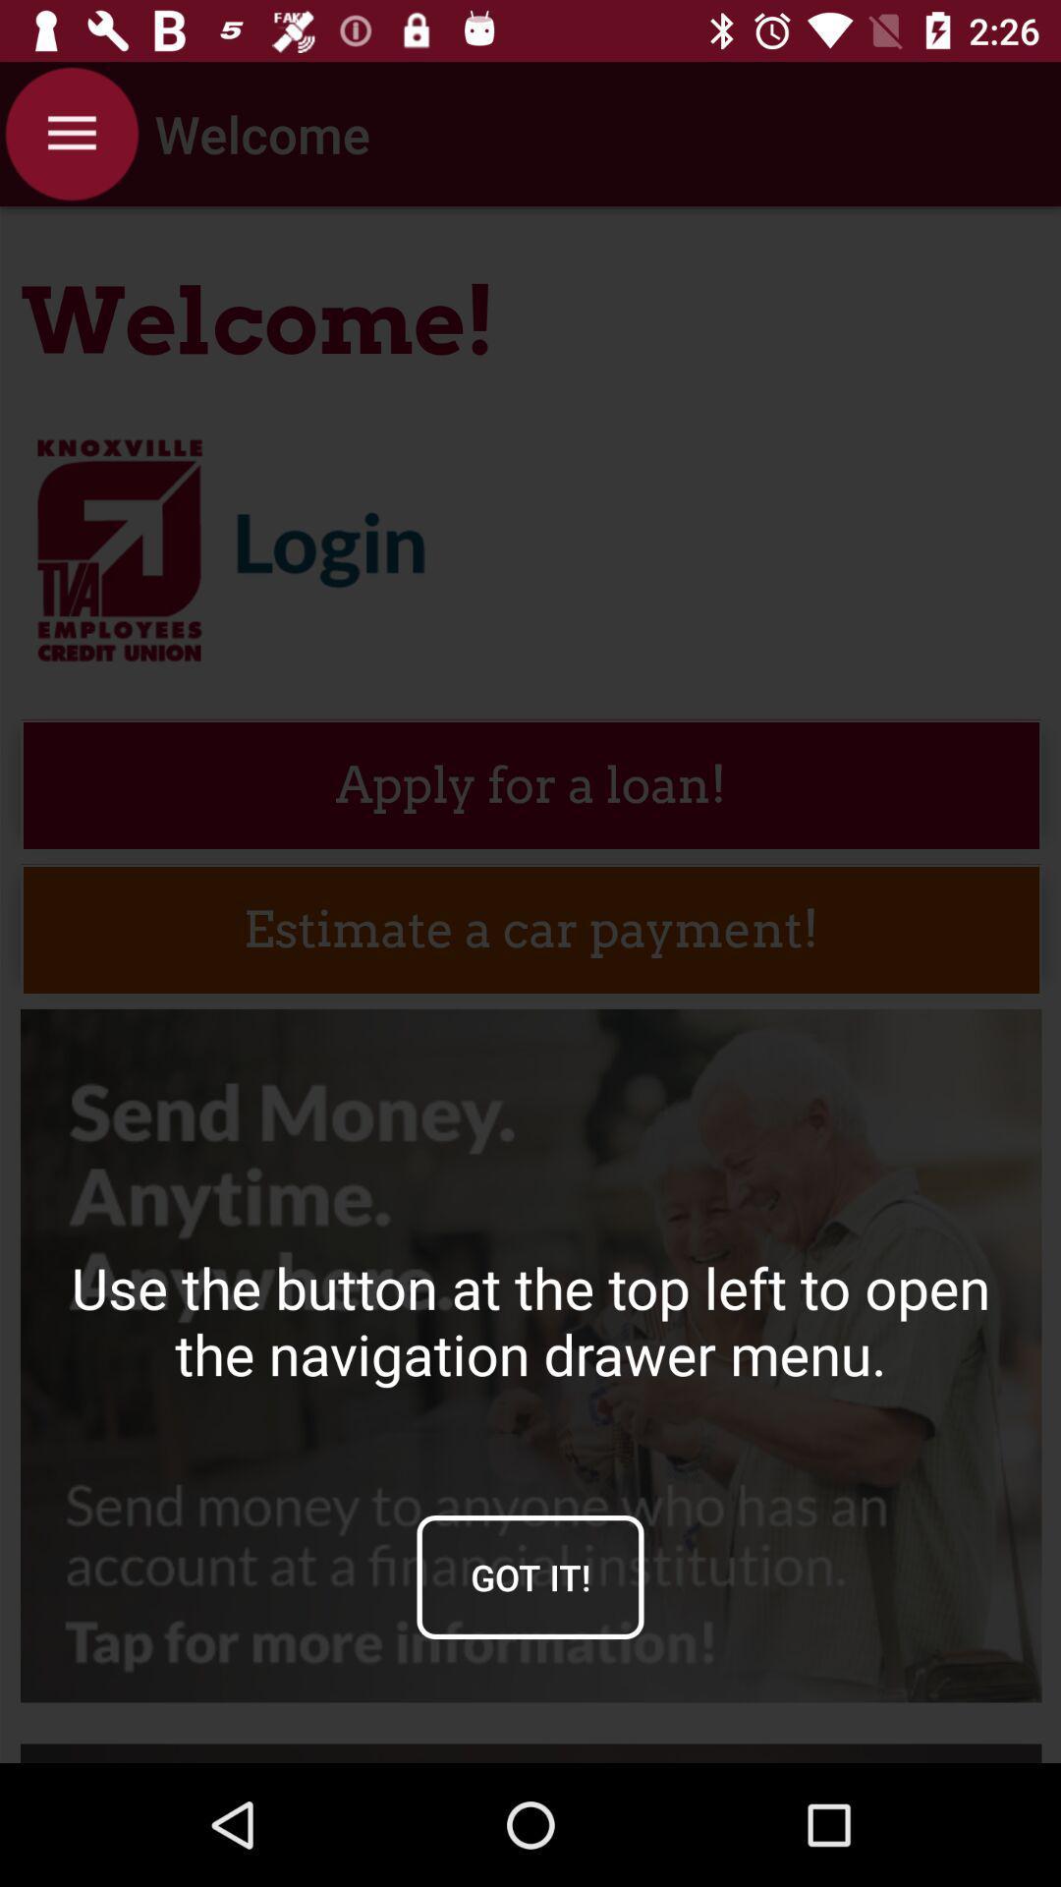 The image size is (1061, 1887). I want to click on got it! item, so click(530, 1576).